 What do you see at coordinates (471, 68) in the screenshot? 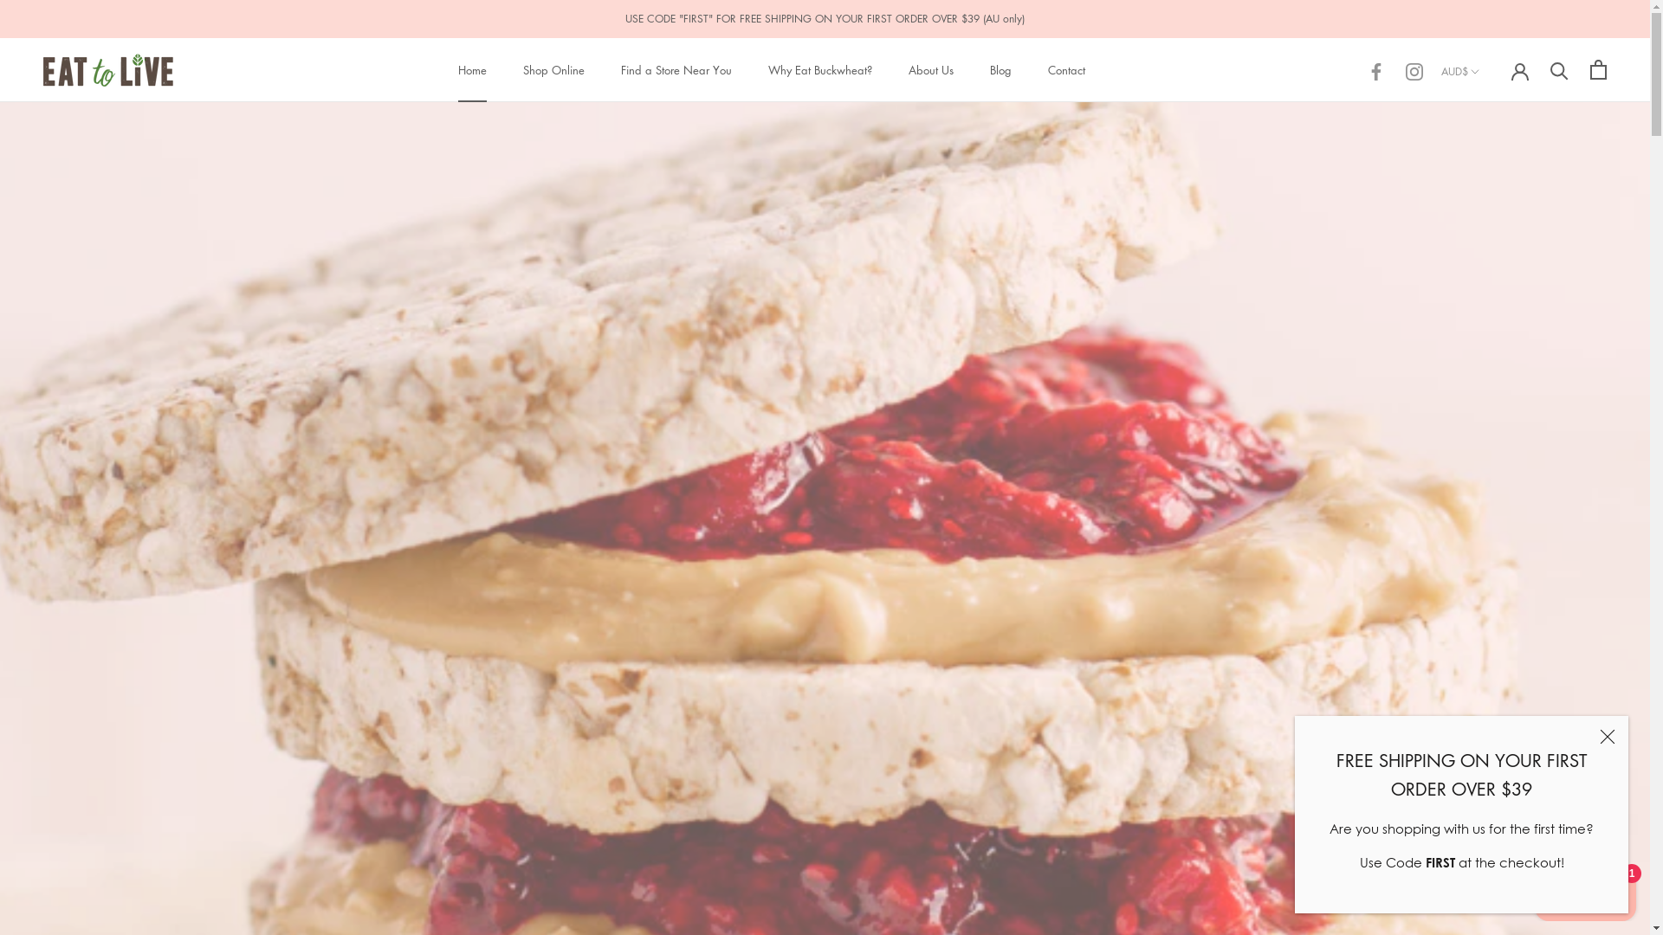
I see `'Home` at bounding box center [471, 68].